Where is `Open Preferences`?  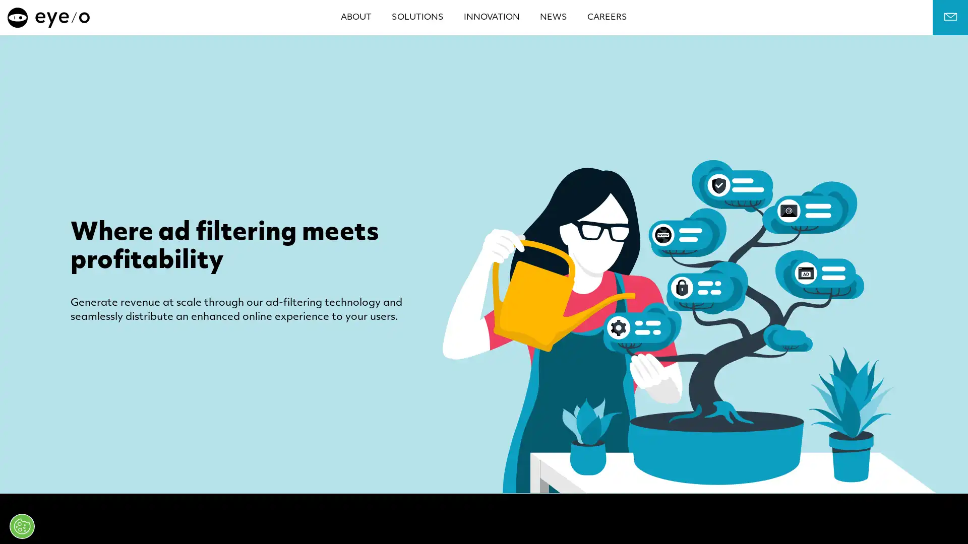
Open Preferences is located at coordinates (22, 526).